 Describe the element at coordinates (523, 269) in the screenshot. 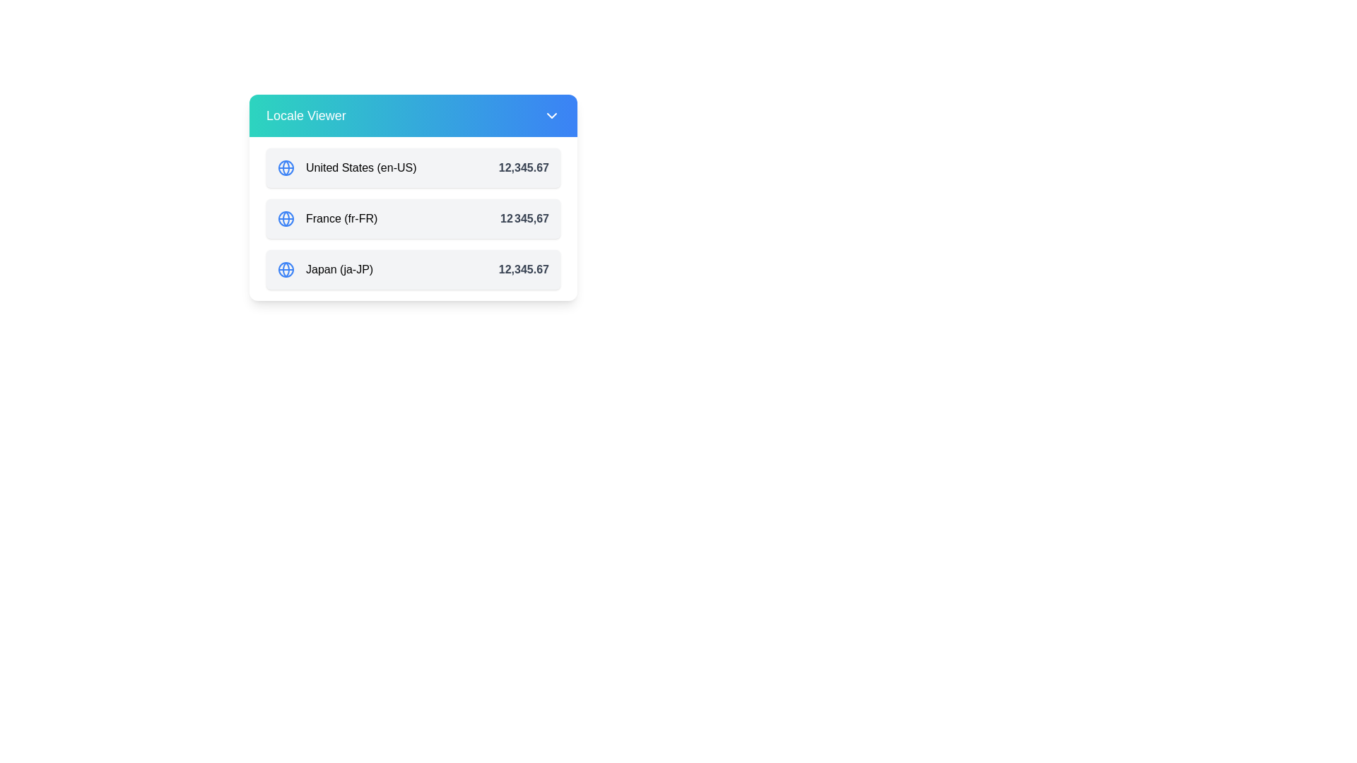

I see `the text label displaying the numeric value '12,345.67' styled in bold gray font, located to the right of 'Japan (ja-JP)' within the Japan locale row` at that location.